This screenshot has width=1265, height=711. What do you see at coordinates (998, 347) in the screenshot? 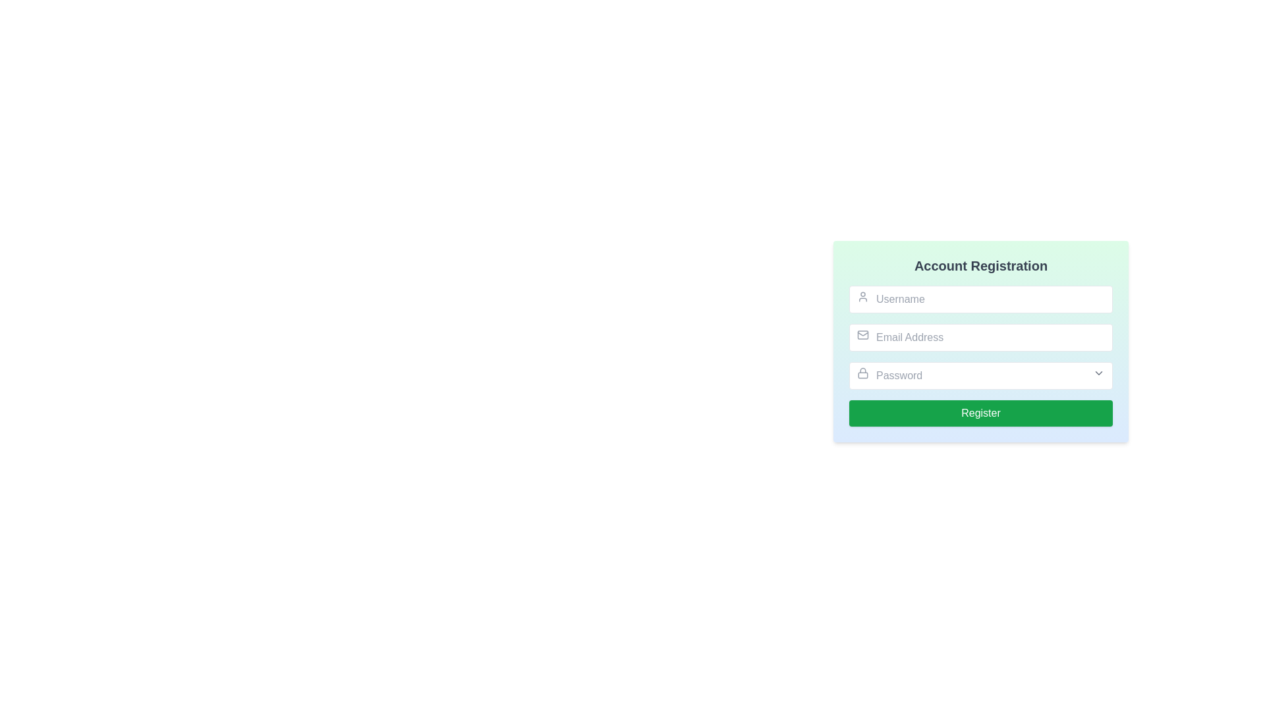
I see `the email input field in the Account Registration form` at bounding box center [998, 347].